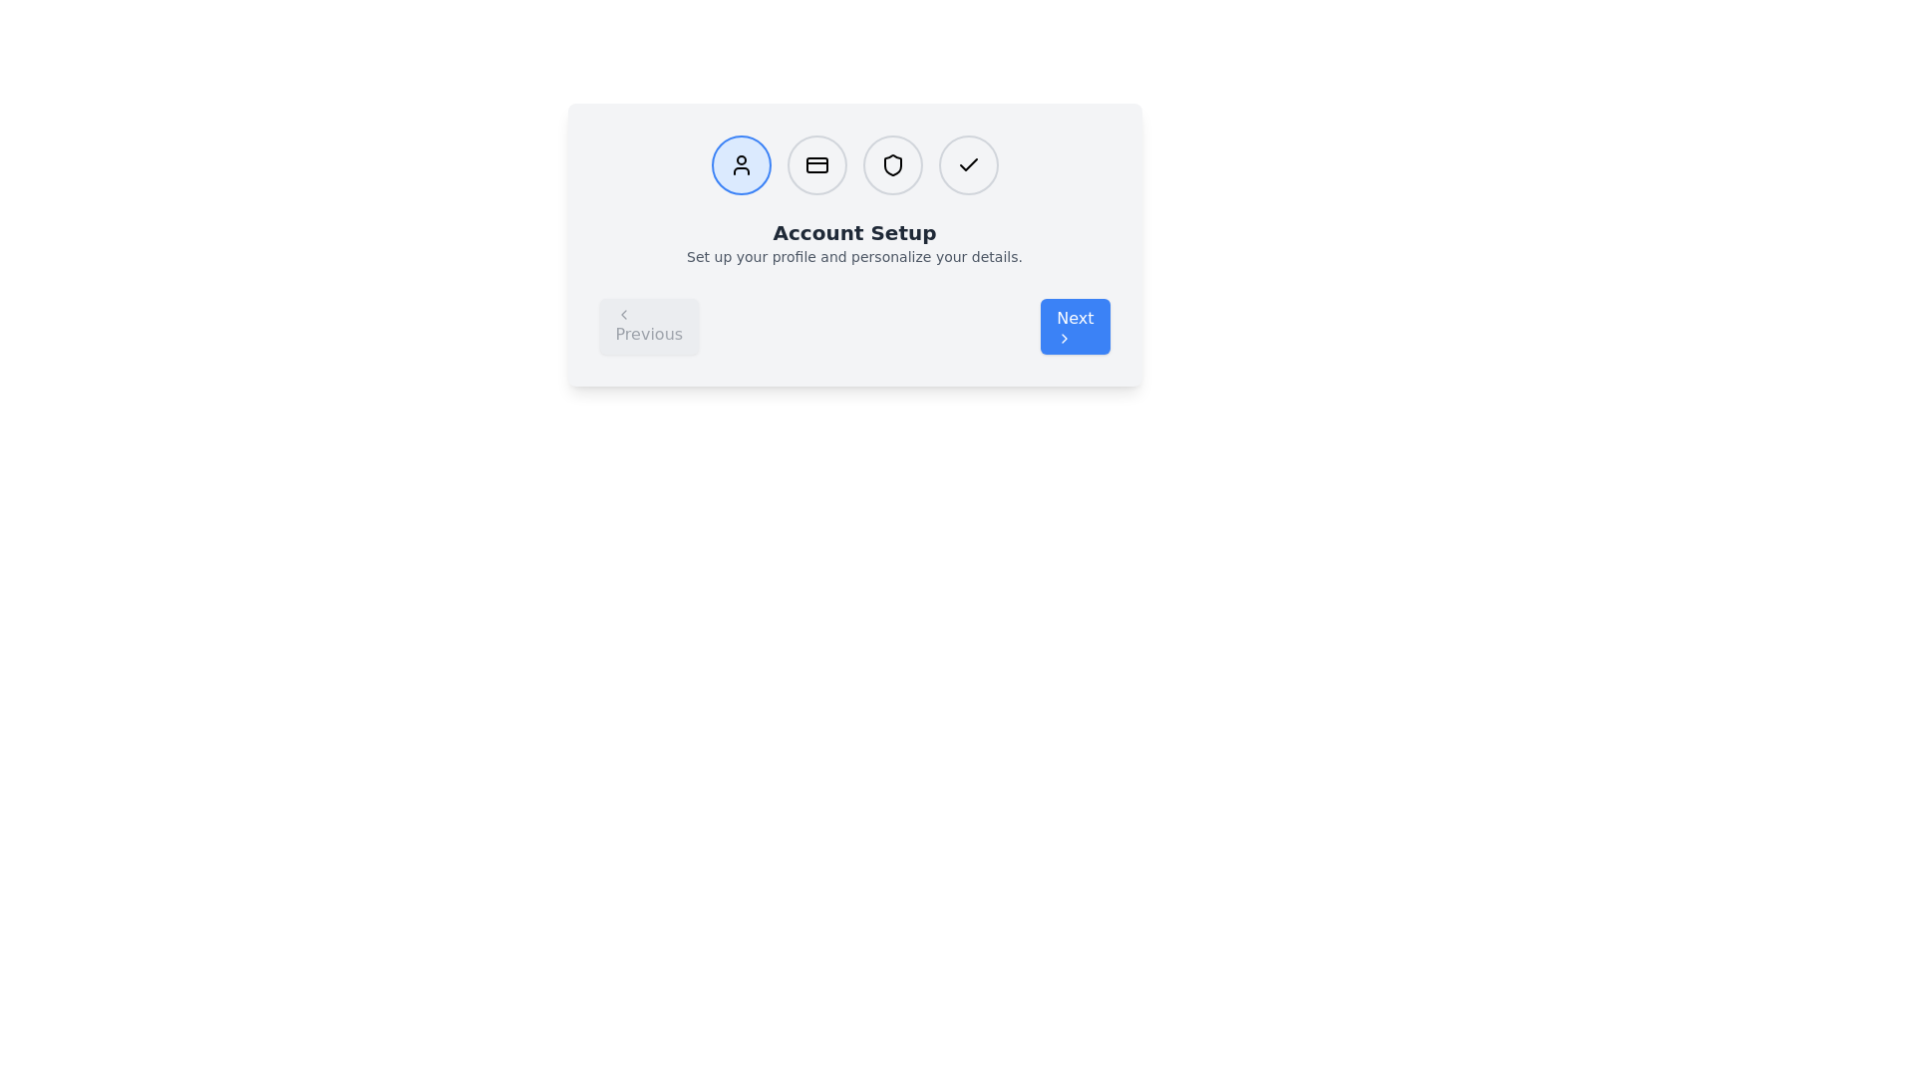  What do you see at coordinates (891, 163) in the screenshot?
I see `the shield icon embedded within the security button` at bounding box center [891, 163].